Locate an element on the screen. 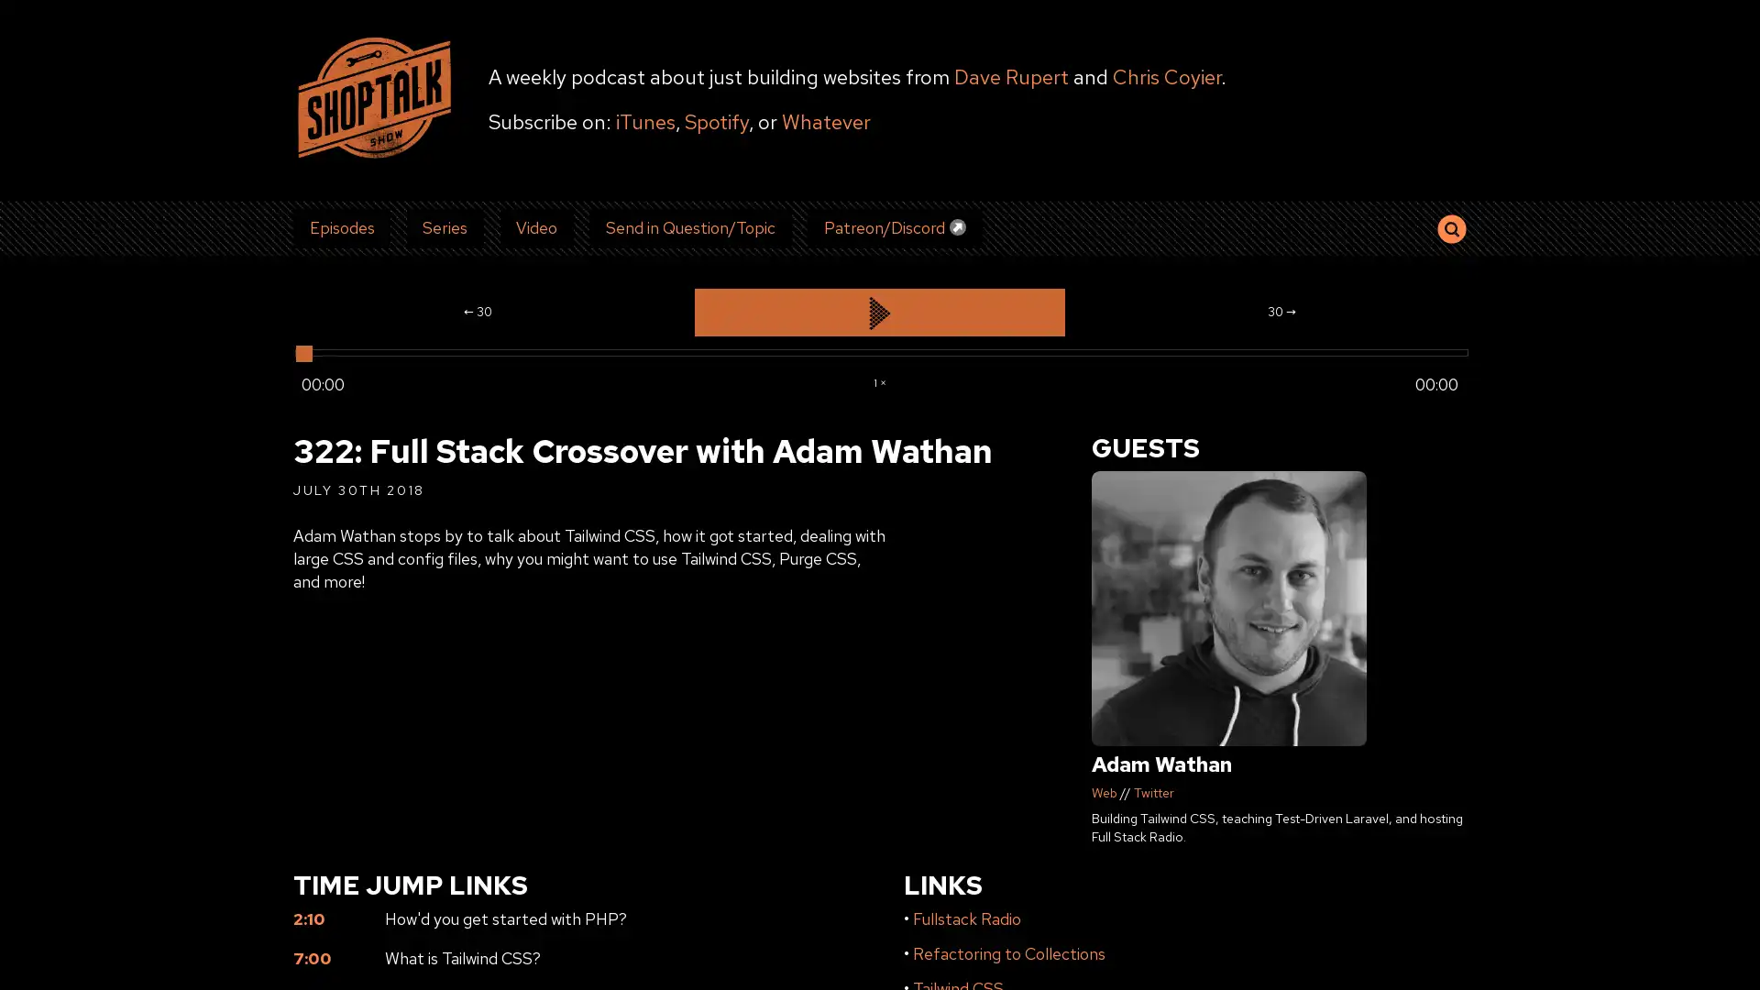 This screenshot has height=990, width=1760. 1 is located at coordinates (878, 379).